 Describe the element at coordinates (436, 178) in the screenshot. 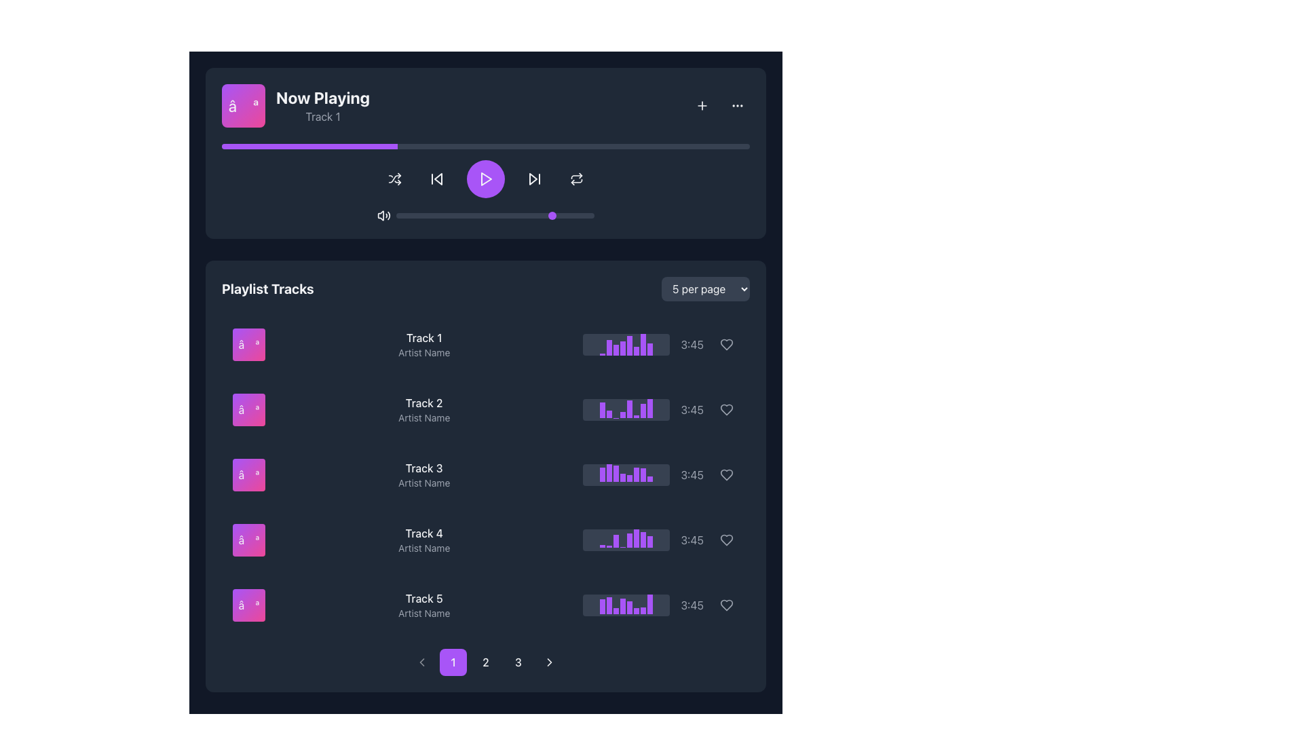

I see `the skip back button located in the media playback section to trigger a tooltip or effect` at that location.